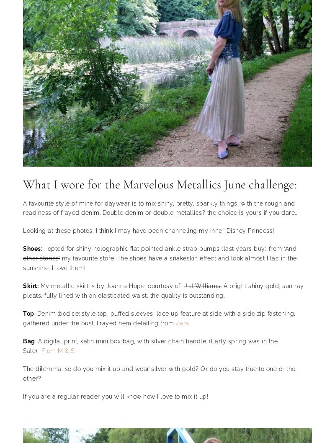 This screenshot has height=443, width=335. I want to click on 'From M & S', so click(57, 350).